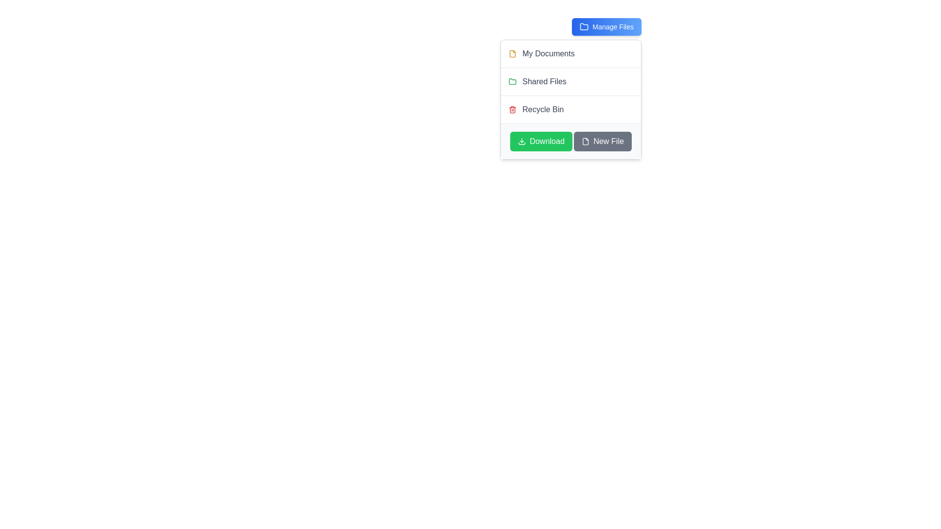 The width and height of the screenshot is (941, 529). I want to click on the text label in the second row of the 'Shared Files' list, which is aligned with a green folder icon, so click(544, 81).